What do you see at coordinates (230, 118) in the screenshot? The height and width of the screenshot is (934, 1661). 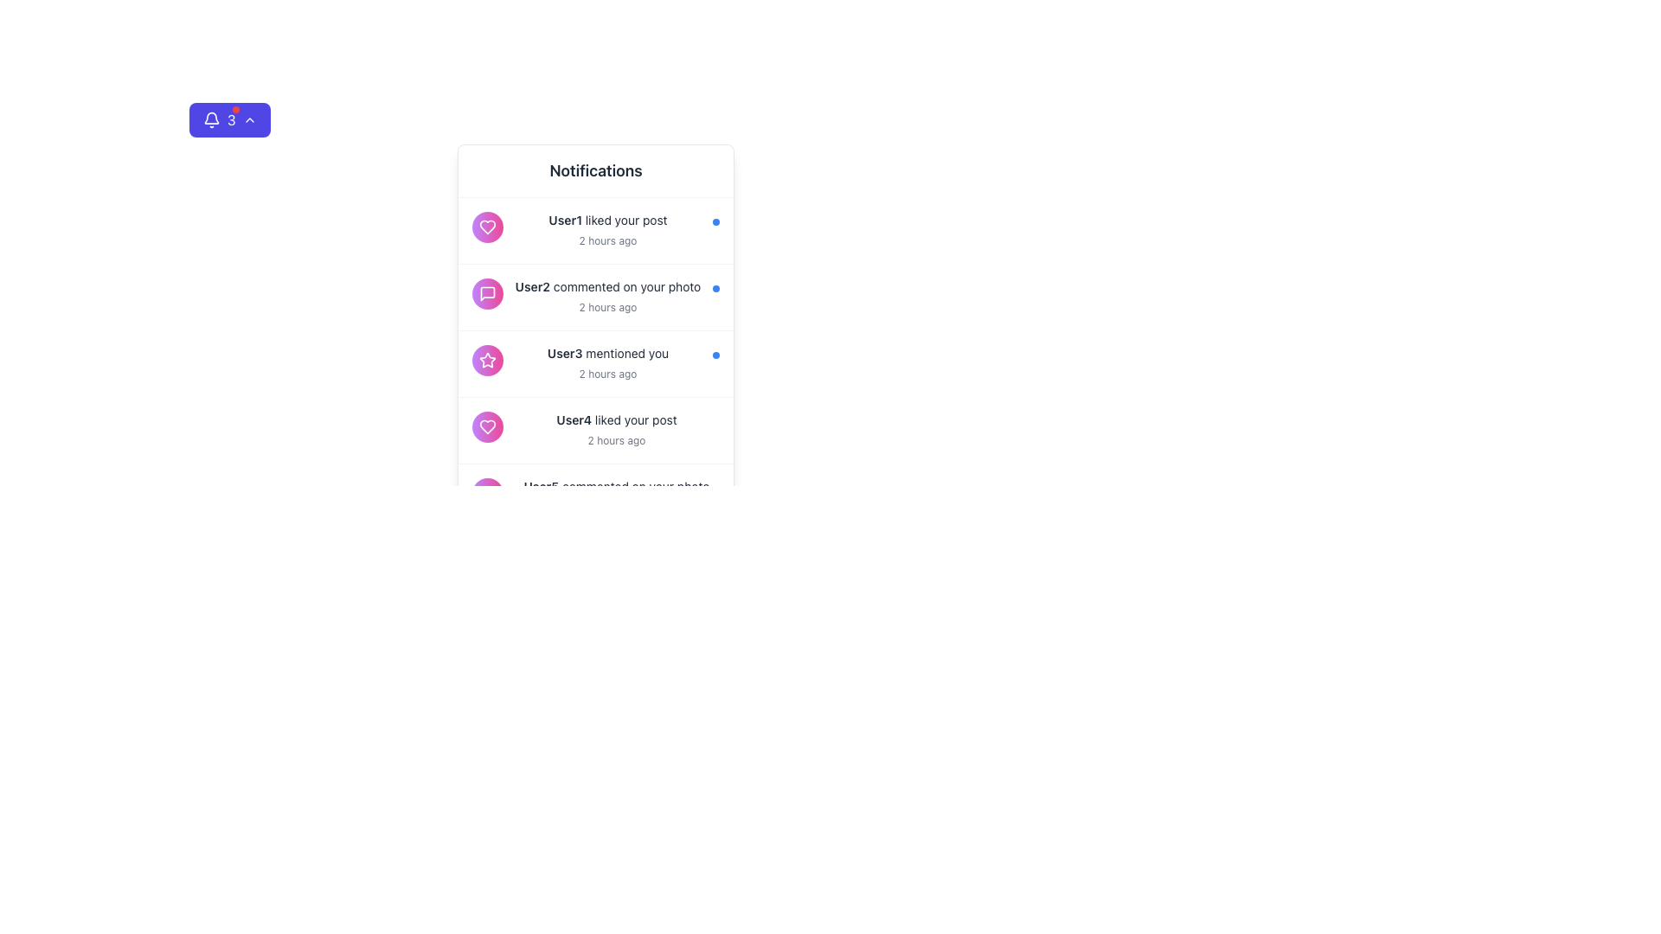 I see `the text label displaying the notification count ('3') alongside the word 'Notifications' within the purple notification button located in the top-left segment of the interface` at bounding box center [230, 118].